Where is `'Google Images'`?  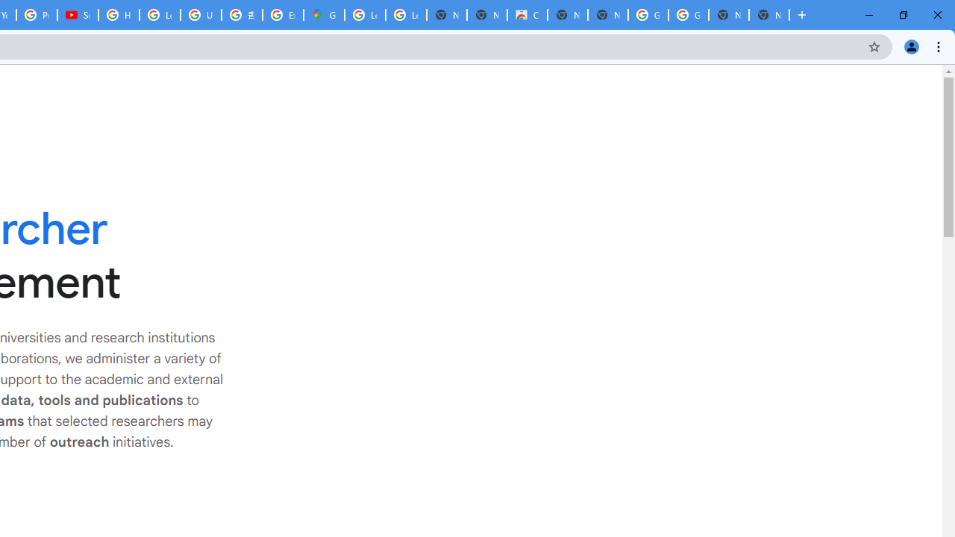
'Google Images' is located at coordinates (648, 15).